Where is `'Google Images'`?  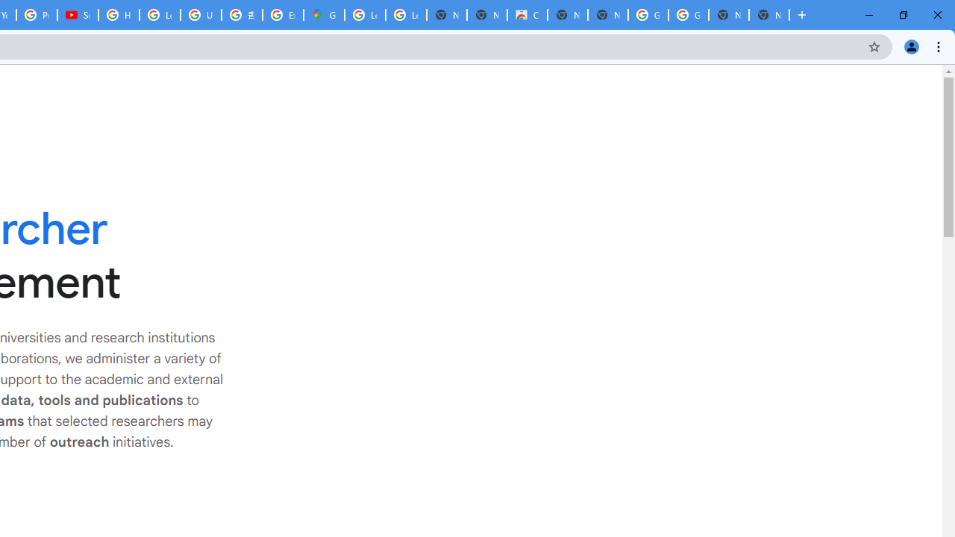
'Google Images' is located at coordinates (648, 15).